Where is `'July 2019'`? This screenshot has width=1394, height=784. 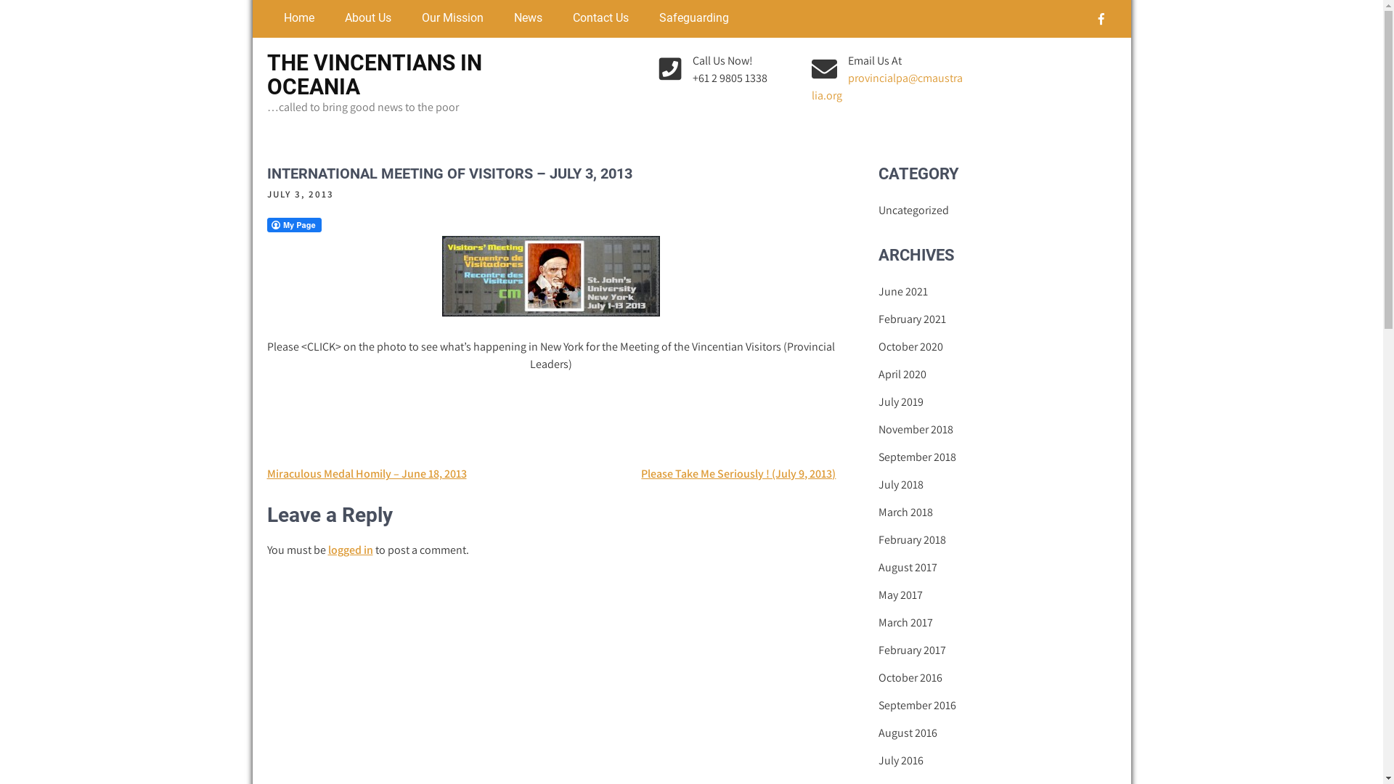 'July 2019' is located at coordinates (900, 402).